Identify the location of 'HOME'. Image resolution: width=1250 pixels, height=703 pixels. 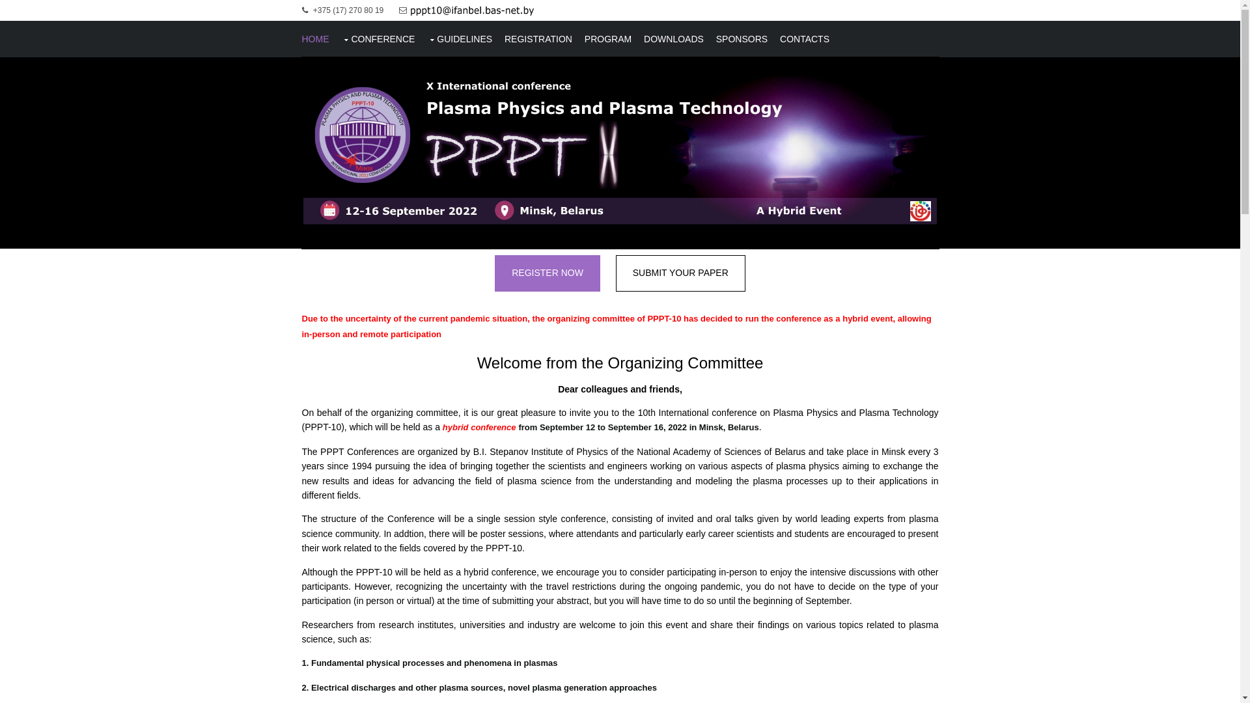
(315, 38).